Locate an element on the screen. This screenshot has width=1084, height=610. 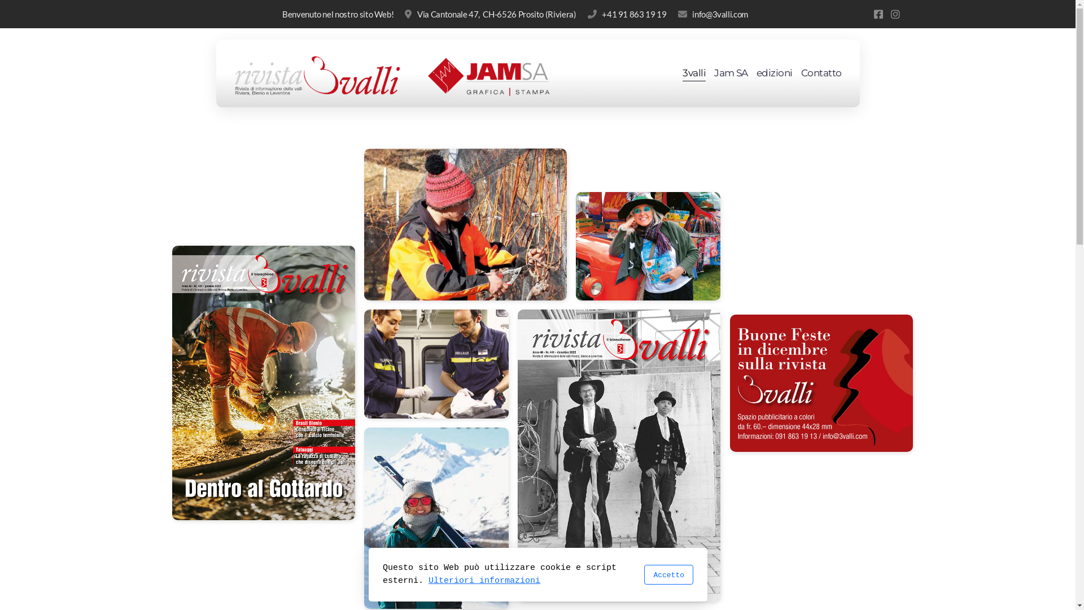
'Ulteriori informazioni' is located at coordinates (484, 581).